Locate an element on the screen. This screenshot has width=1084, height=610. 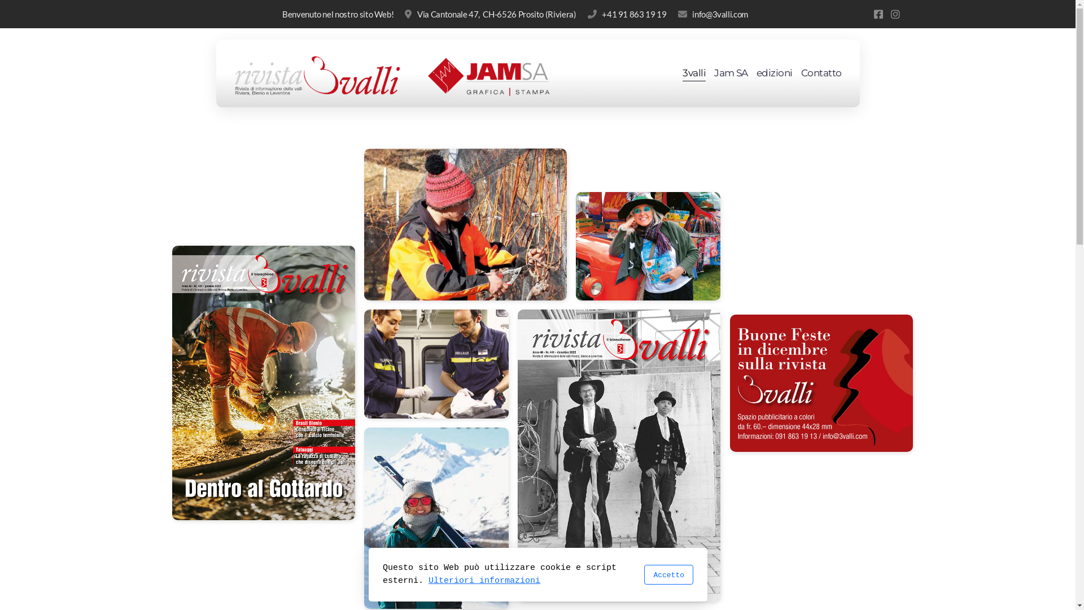
'Ulteriori informazioni' is located at coordinates (484, 581).